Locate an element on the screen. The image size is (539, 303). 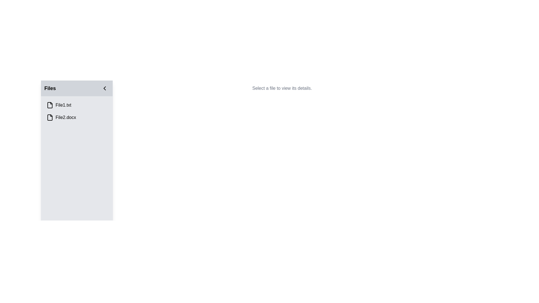
the text label displaying 'Files' in bold and large font, located in the top-left corner of the gray panel area is located at coordinates (50, 88).